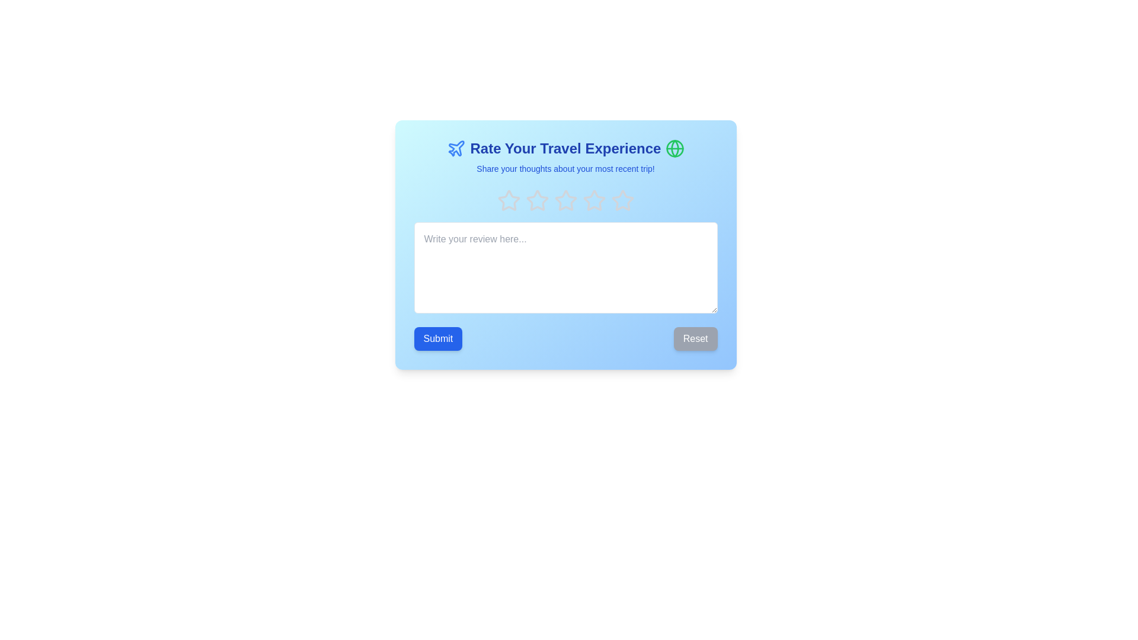 This screenshot has height=640, width=1138. What do you see at coordinates (455, 148) in the screenshot?
I see `the decorative travel icon located on the far left of the group, which includes the heading 'Rate Your Travel Experience' and a globe icon` at bounding box center [455, 148].